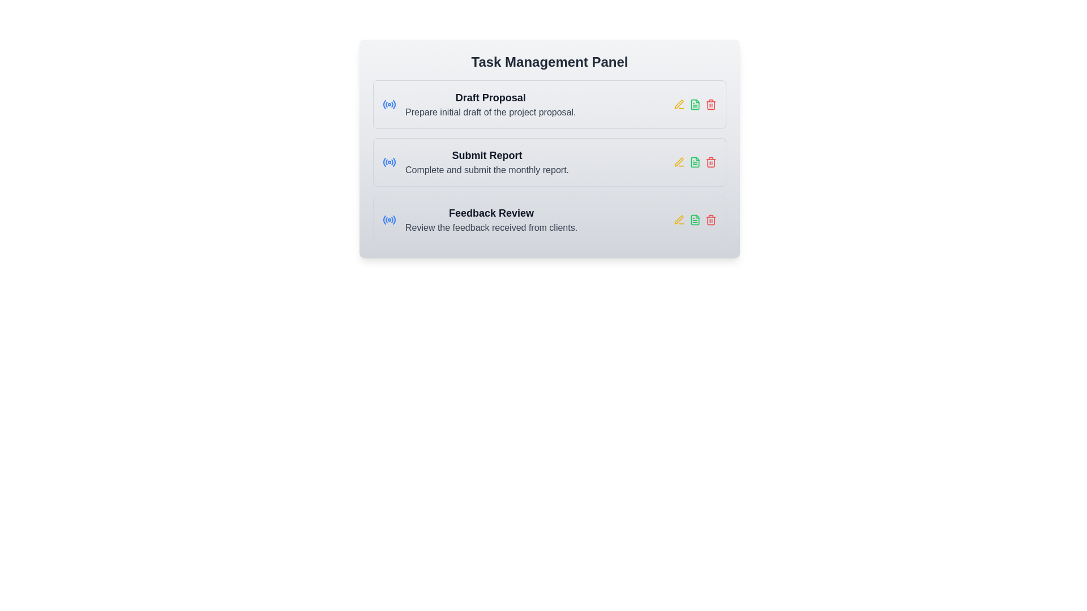 This screenshot has width=1087, height=611. I want to click on the small green document icon located between the yellow pencil icon and the red trash icon, so click(695, 105).